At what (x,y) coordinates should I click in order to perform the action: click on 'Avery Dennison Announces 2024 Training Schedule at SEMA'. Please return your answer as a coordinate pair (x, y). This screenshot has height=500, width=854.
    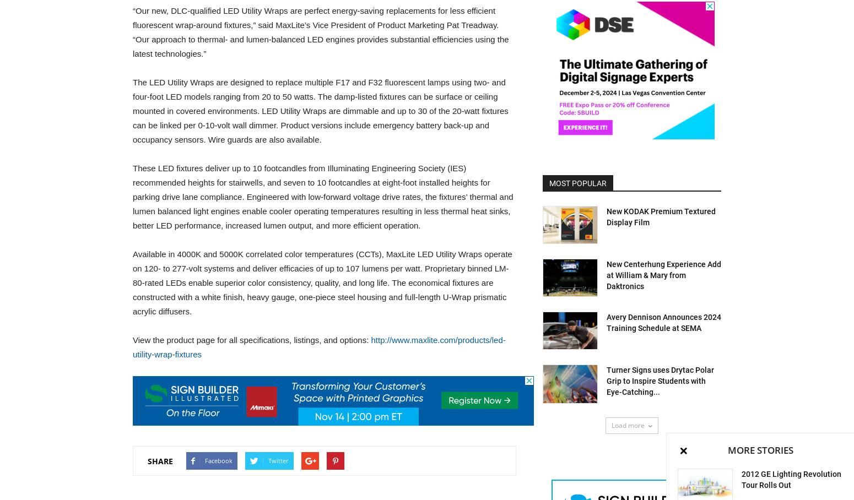
    Looking at the image, I should click on (663, 323).